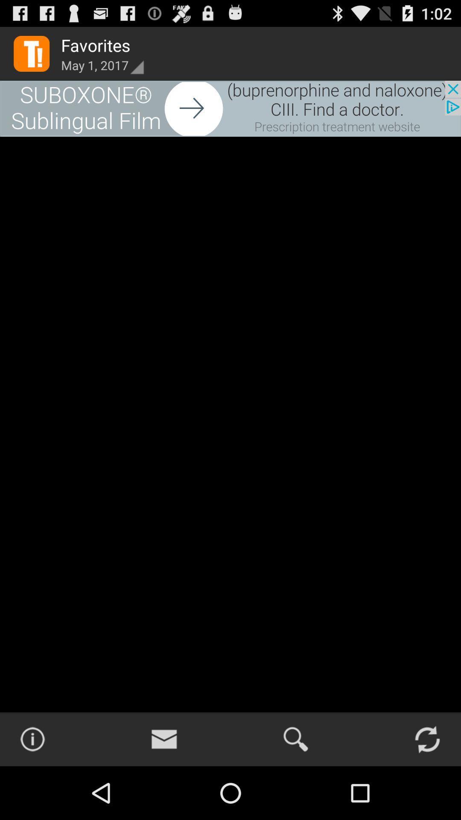  I want to click on advertisement area, so click(230, 108).